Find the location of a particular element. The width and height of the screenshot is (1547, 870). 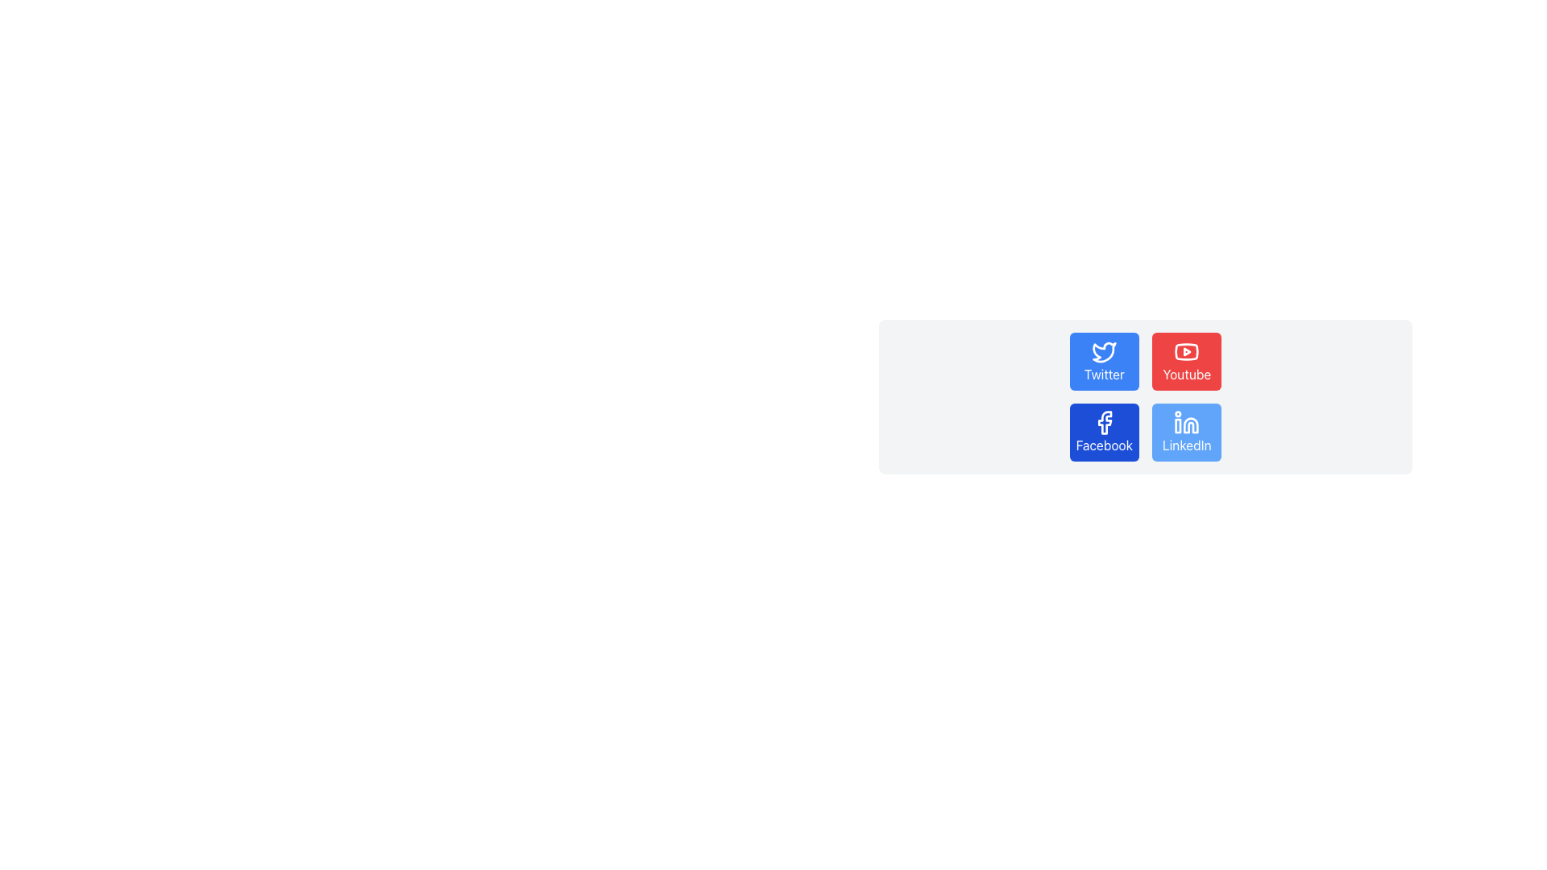

the Facebook button located in the bottom-left corner of a 2x2 grid layout, directly below the 'Twitter' button and to the left of the 'LinkedIn' button is located at coordinates (1103, 431).